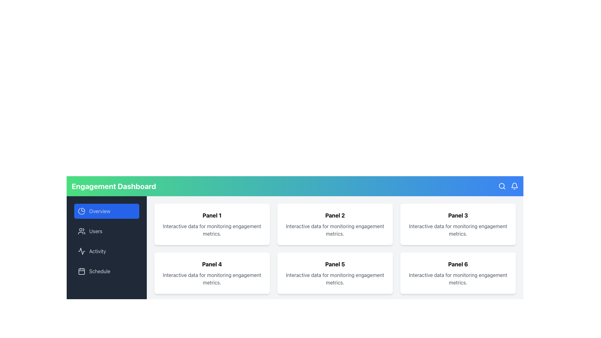  I want to click on text content of the title element located at the top-center of the fifth card in a grid of six cards, so click(335, 264).